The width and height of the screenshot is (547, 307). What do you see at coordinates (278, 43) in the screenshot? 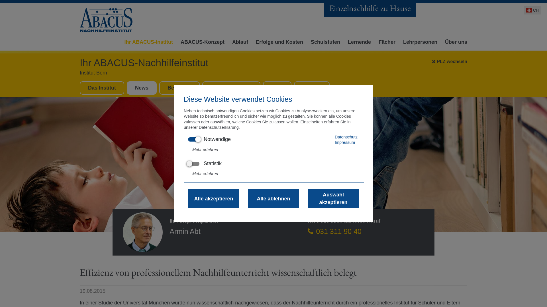
I see `'Erfolge und Kosten'` at bounding box center [278, 43].